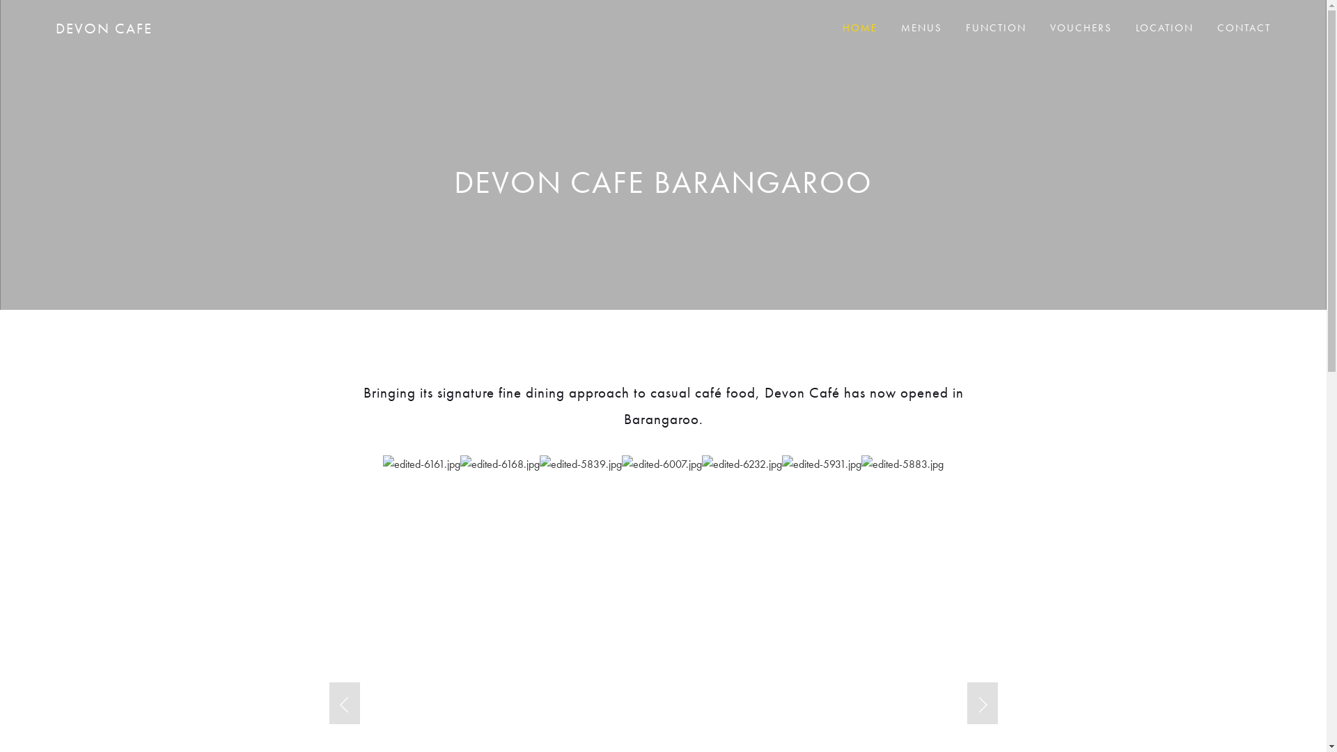  Describe the element at coordinates (1080, 27) in the screenshot. I see `'VOUCHERS'` at that location.